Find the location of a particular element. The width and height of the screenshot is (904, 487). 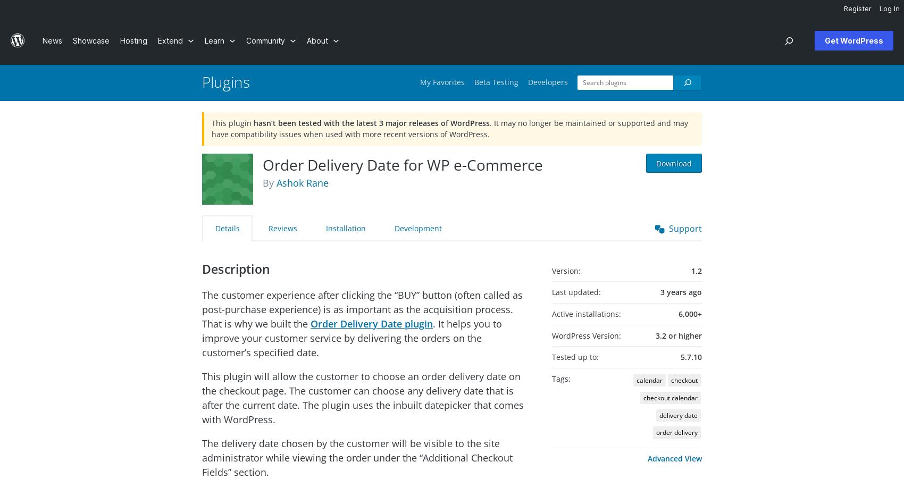

'Tags:' is located at coordinates (560, 378).